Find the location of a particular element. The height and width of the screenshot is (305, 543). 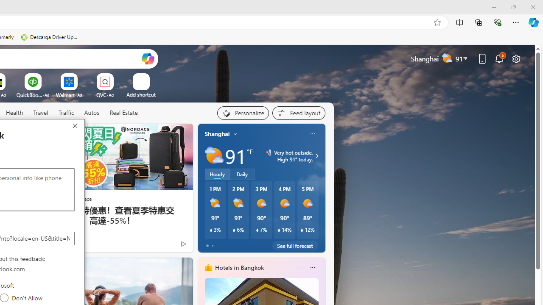

'Traffic' is located at coordinates (65, 112).